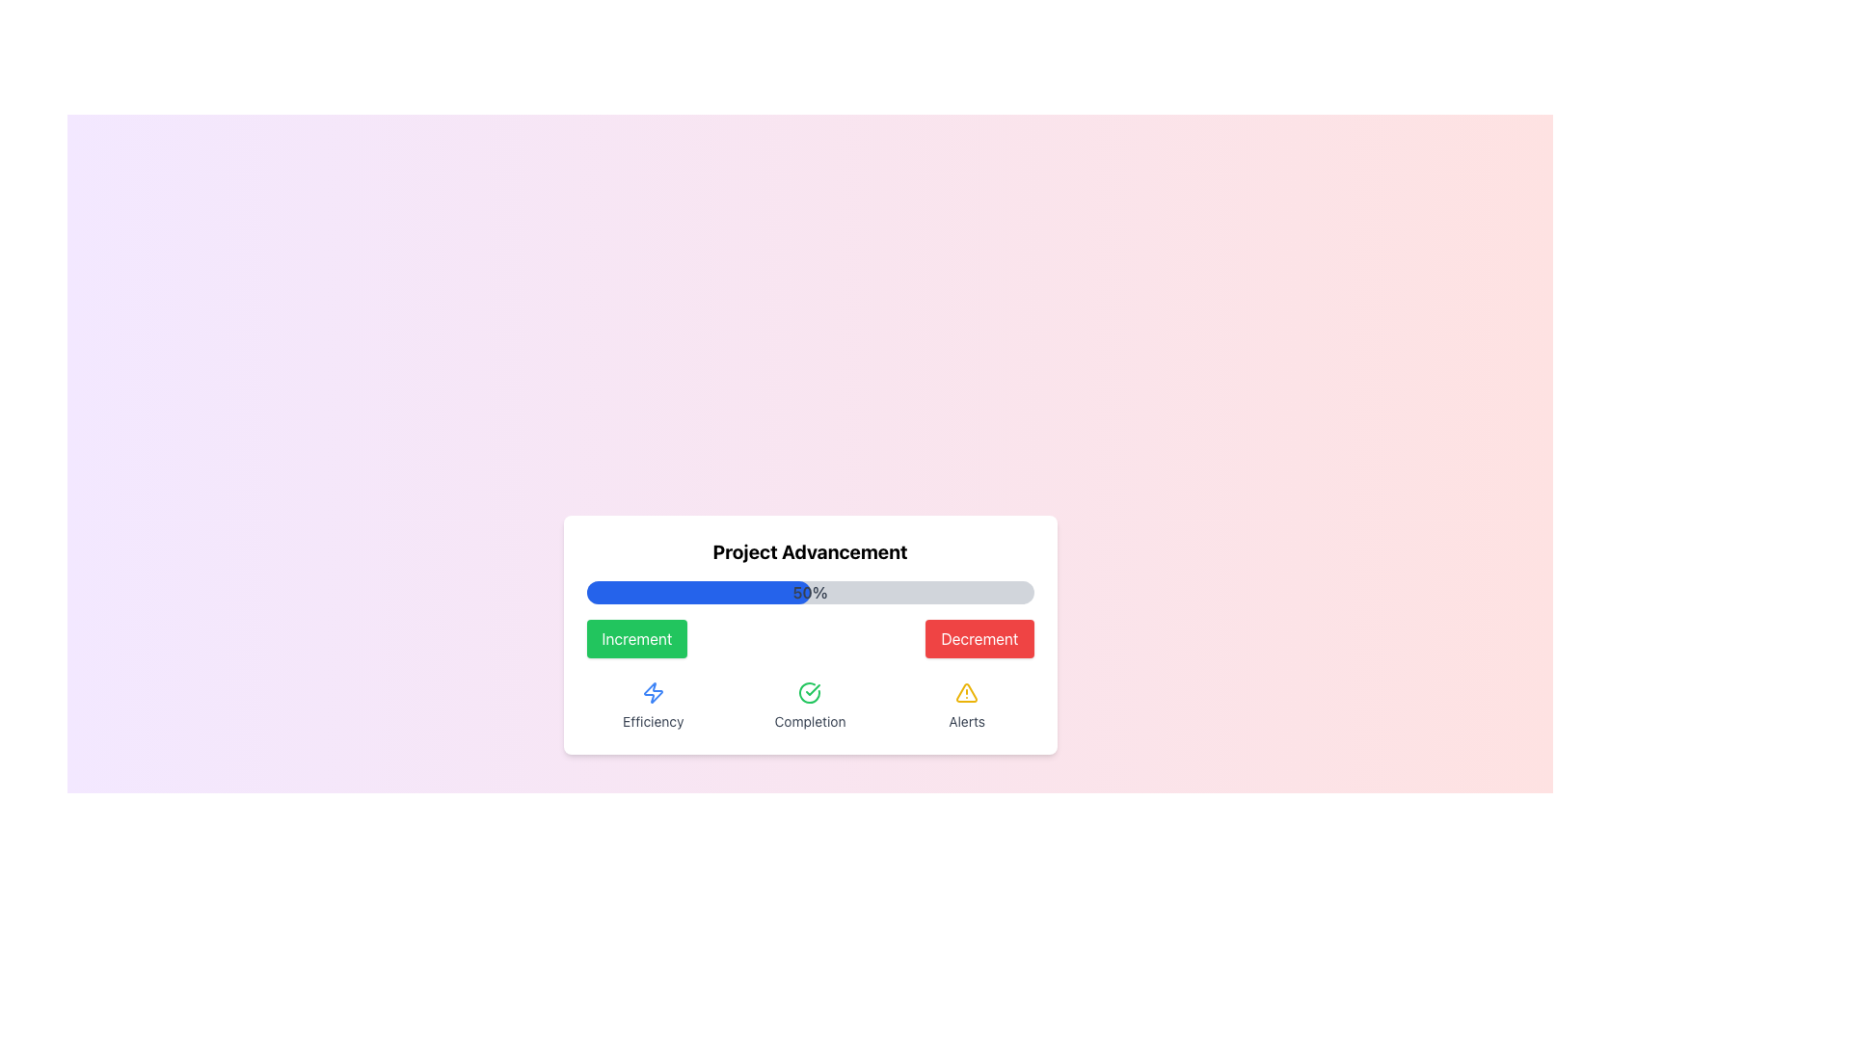 Image resolution: width=1851 pixels, height=1041 pixels. I want to click on the efficiency icon located in the bottom center section of the interface, beneath the progress bar and centered horizontally relative to the 'Increment' and 'Decrement' buttons, so click(653, 691).